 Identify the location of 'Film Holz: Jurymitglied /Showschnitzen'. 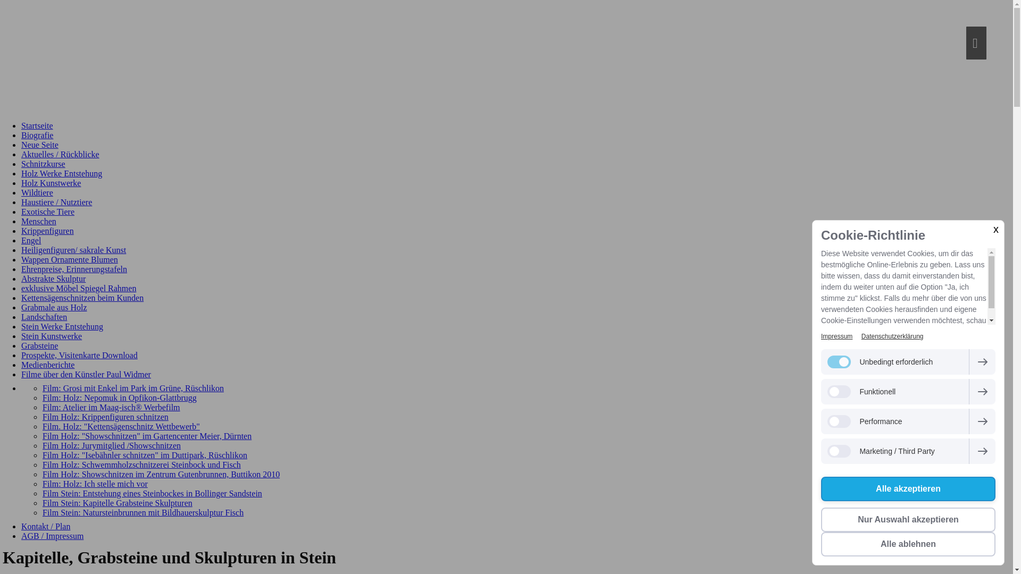
(112, 445).